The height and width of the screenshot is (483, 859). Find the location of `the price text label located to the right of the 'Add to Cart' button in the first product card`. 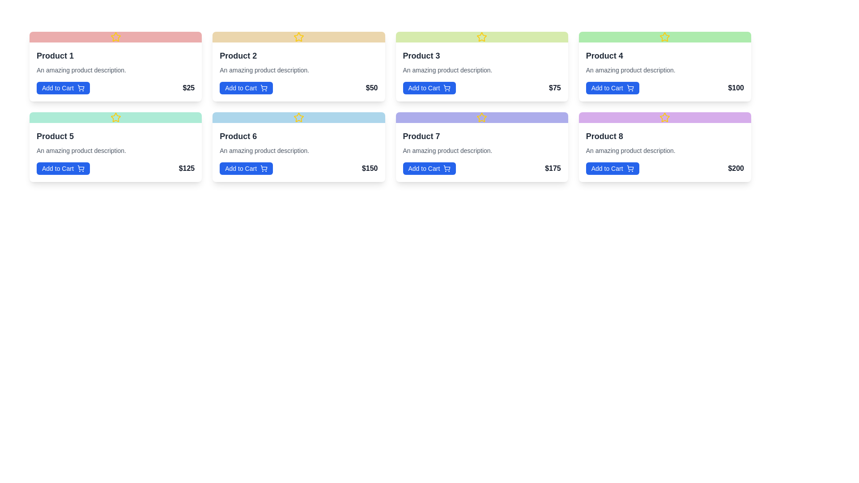

the price text label located to the right of the 'Add to Cart' button in the first product card is located at coordinates (188, 88).